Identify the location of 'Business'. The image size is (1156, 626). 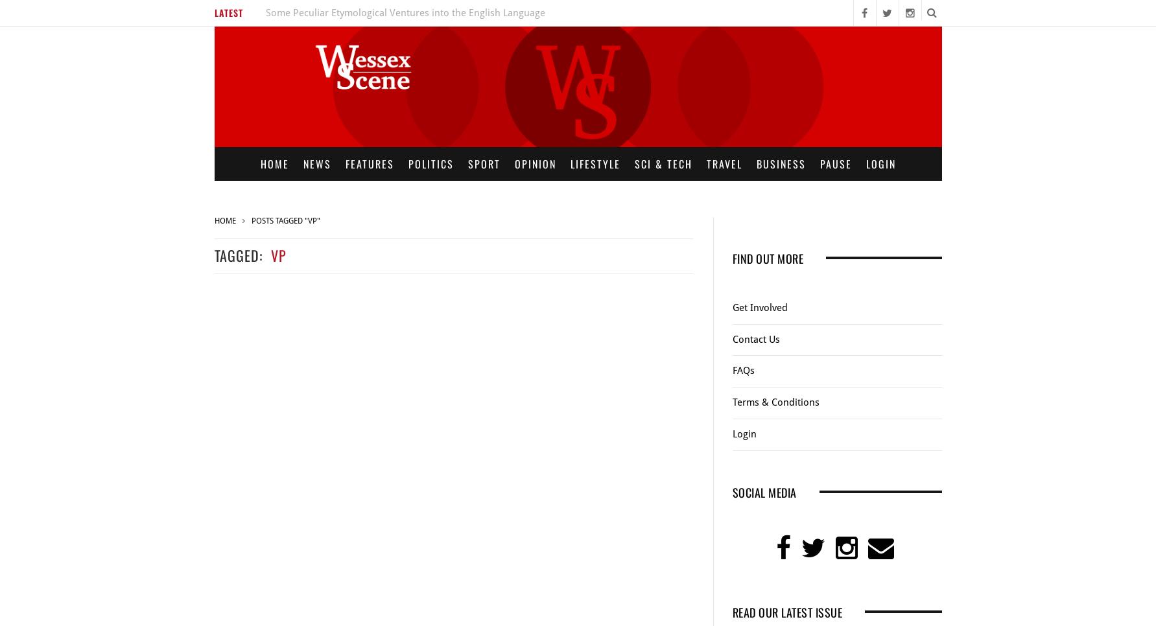
(781, 163).